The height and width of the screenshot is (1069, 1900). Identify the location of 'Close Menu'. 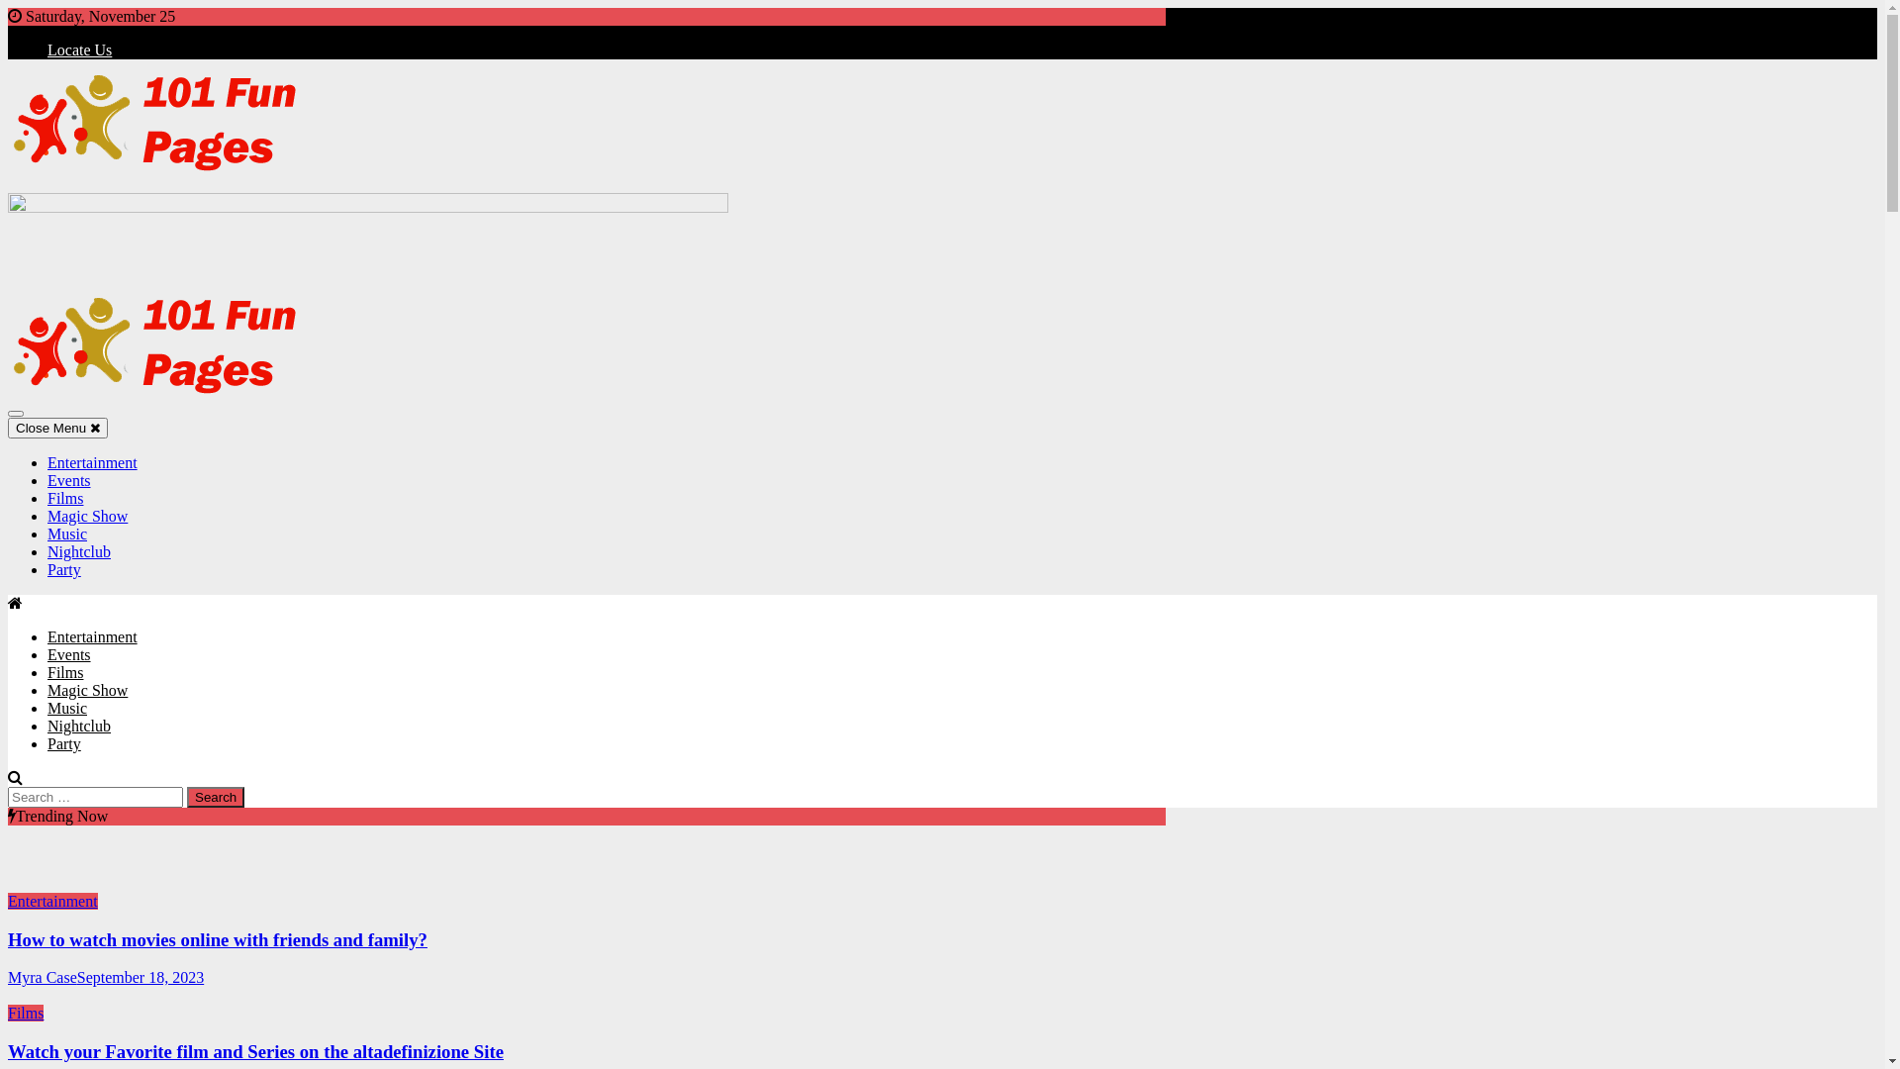
(57, 427).